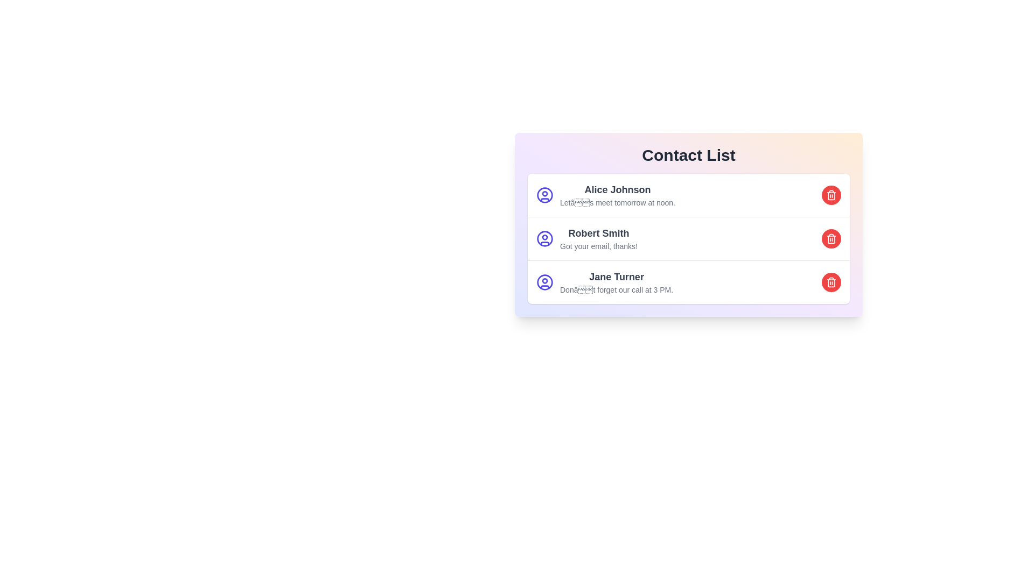 The height and width of the screenshot is (581, 1034). I want to click on the user icon for the contact Jane Turner, so click(545, 281).